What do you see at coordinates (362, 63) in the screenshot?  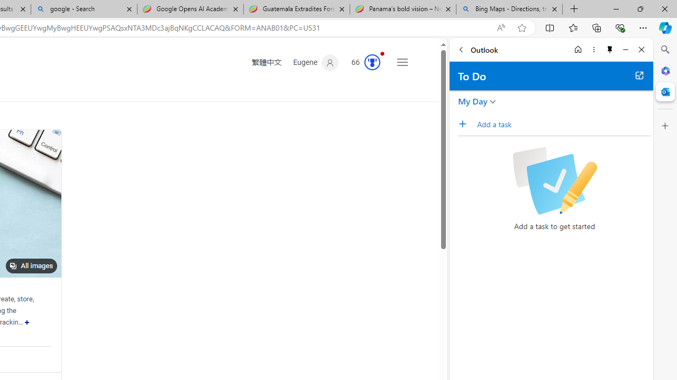 I see `'Microsoft Rewards 63'` at bounding box center [362, 63].